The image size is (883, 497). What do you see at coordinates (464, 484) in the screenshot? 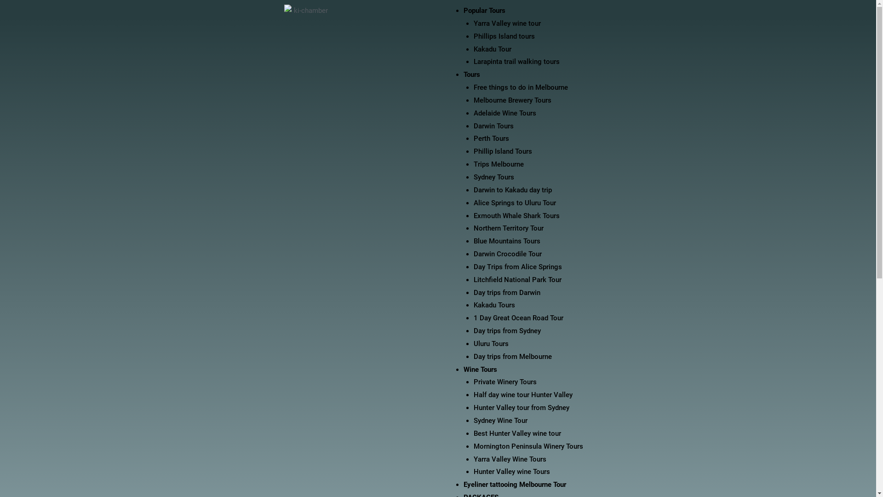
I see `'Eyeliner tattooing Melbourne Tour'` at bounding box center [464, 484].